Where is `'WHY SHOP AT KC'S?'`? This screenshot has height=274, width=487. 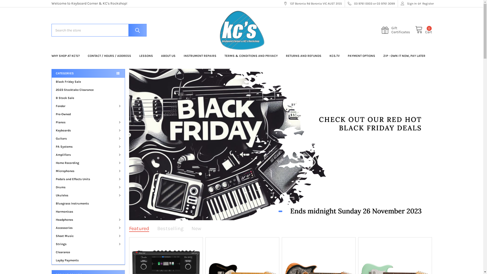
'WHY SHOP AT KC'S?' is located at coordinates (65, 56).